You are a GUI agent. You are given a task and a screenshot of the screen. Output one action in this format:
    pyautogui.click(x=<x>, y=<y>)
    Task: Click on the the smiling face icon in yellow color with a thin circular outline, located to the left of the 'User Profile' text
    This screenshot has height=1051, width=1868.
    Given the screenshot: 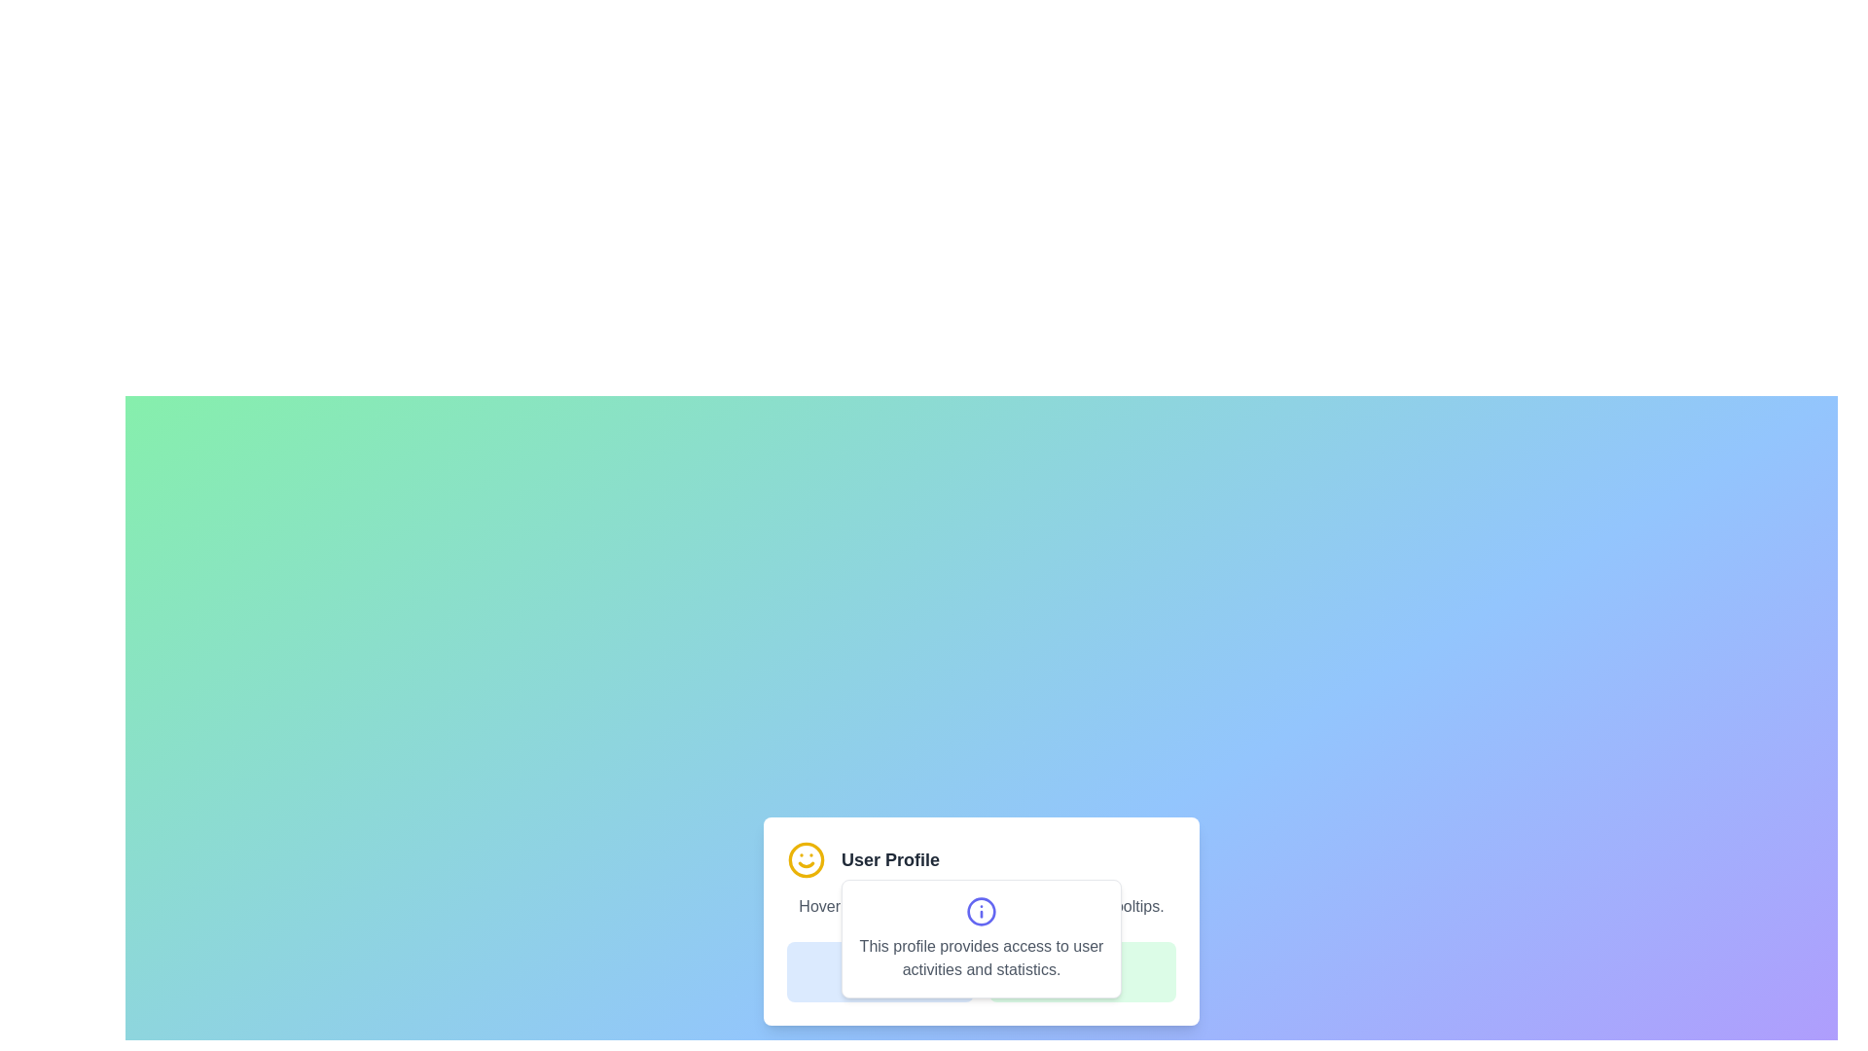 What is the action you would take?
    pyautogui.click(x=807, y=858)
    